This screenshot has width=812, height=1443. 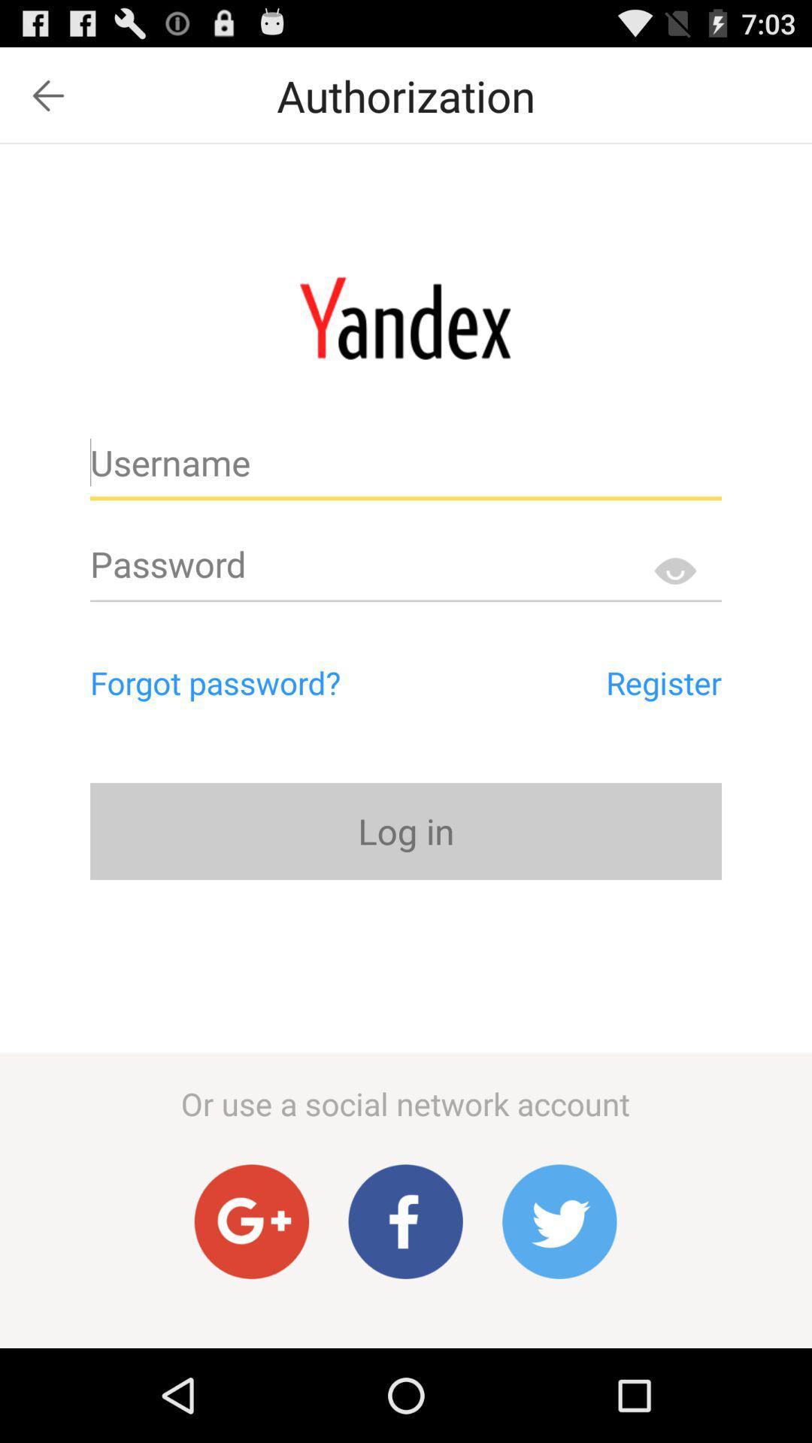 I want to click on icon at the top left corner, so click(x=47, y=95).